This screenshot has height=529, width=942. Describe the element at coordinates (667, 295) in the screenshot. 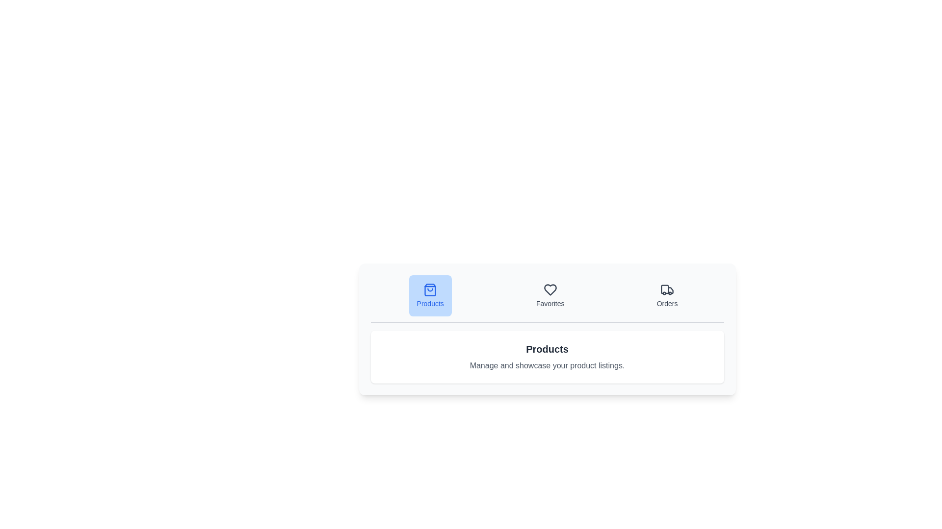

I see `the Orders tab by clicking its button` at that location.